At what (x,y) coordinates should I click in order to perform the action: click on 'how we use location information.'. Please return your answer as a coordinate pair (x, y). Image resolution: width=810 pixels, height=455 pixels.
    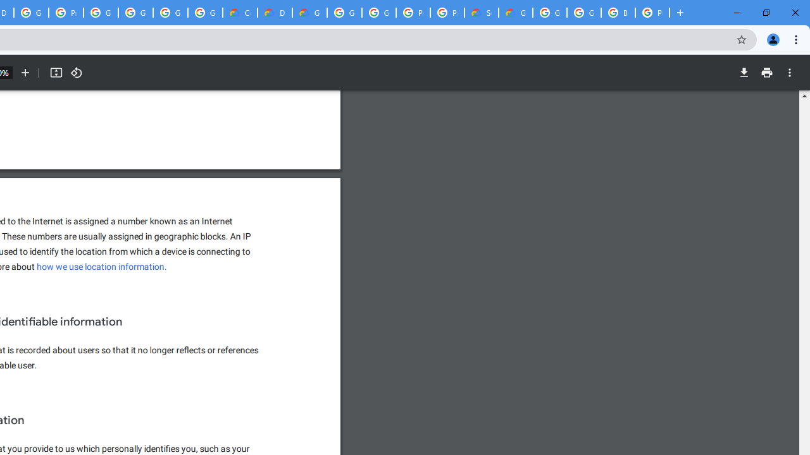
    Looking at the image, I should click on (102, 266).